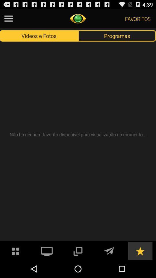 The width and height of the screenshot is (156, 278). What do you see at coordinates (39, 35) in the screenshot?
I see `the item next to the programas item` at bounding box center [39, 35].